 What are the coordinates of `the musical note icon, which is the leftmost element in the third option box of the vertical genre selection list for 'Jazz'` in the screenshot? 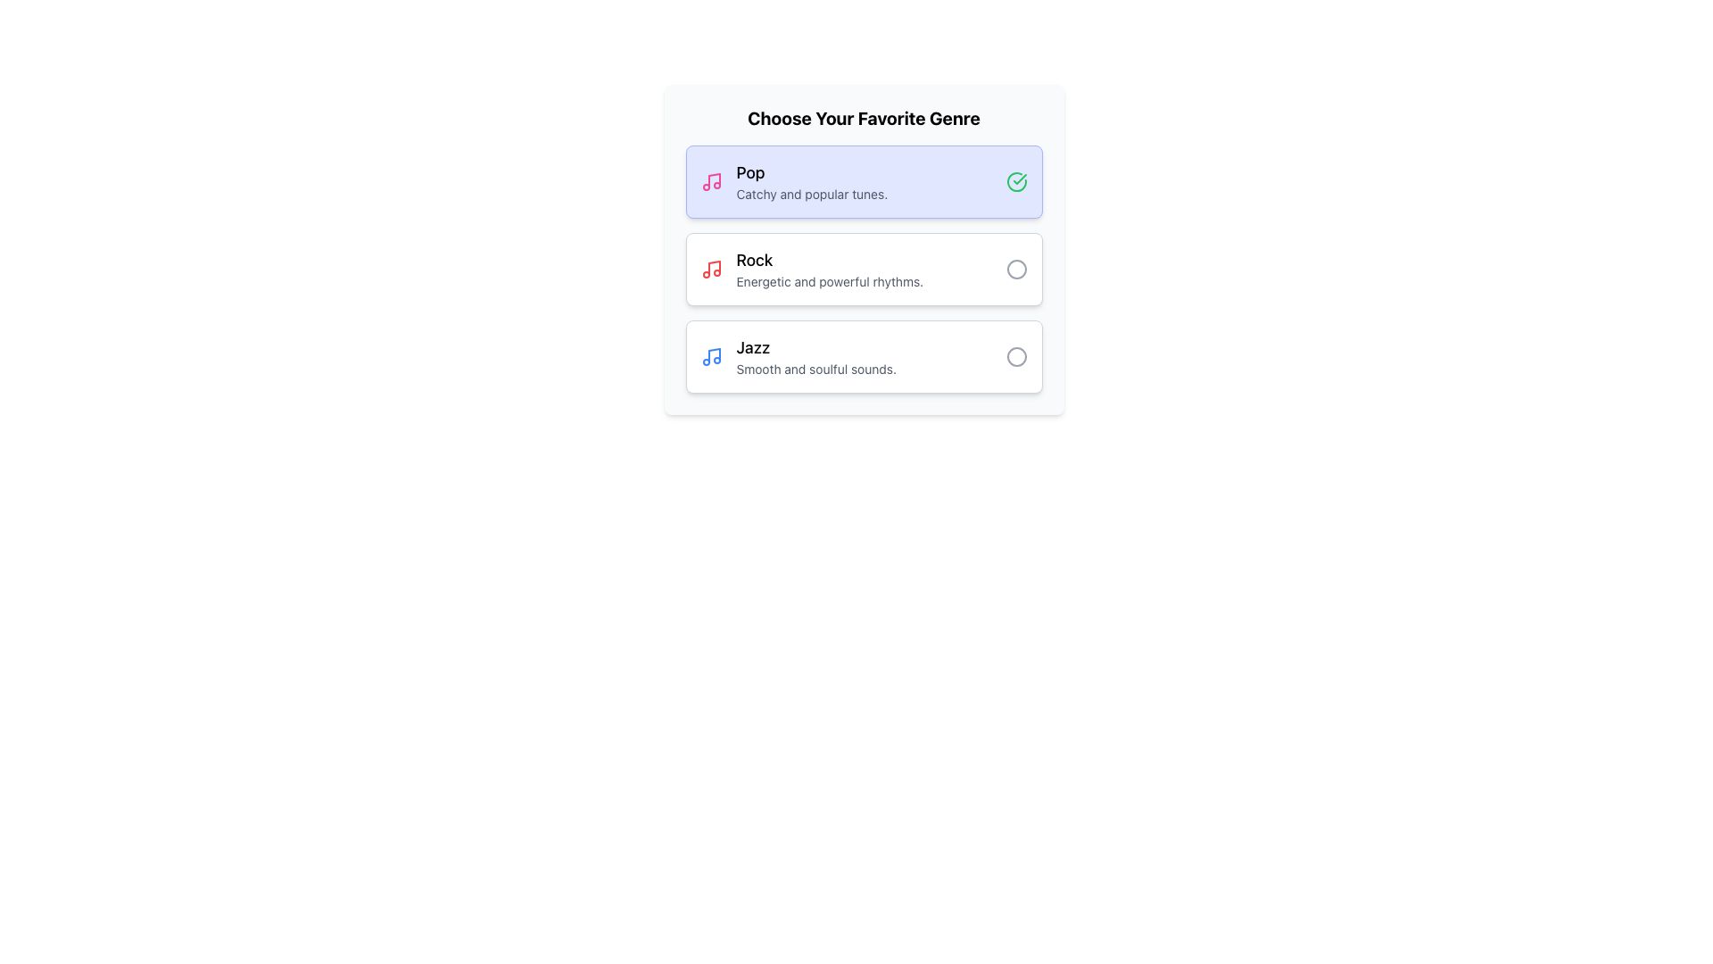 It's located at (710, 357).